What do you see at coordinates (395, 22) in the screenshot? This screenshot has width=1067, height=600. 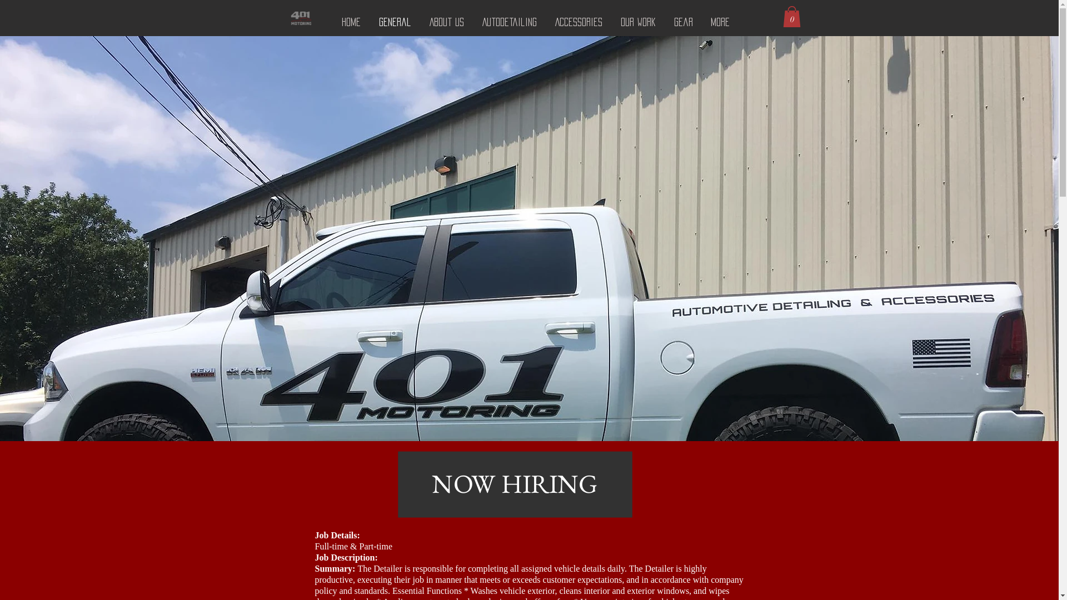 I see `'General'` at bounding box center [395, 22].